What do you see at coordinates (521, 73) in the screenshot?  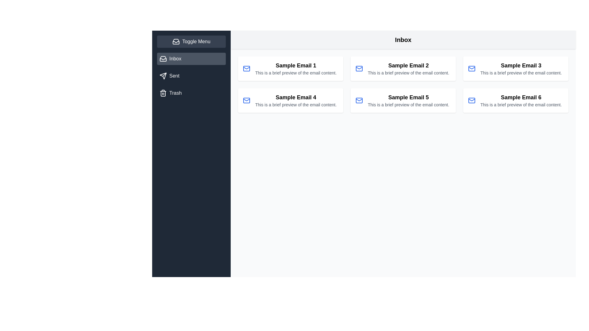 I see `the text snippet displaying 'This is a brief preview of the email content.' located below the title 'Sample Email 3' in the third email preview card of the grid layout` at bounding box center [521, 73].